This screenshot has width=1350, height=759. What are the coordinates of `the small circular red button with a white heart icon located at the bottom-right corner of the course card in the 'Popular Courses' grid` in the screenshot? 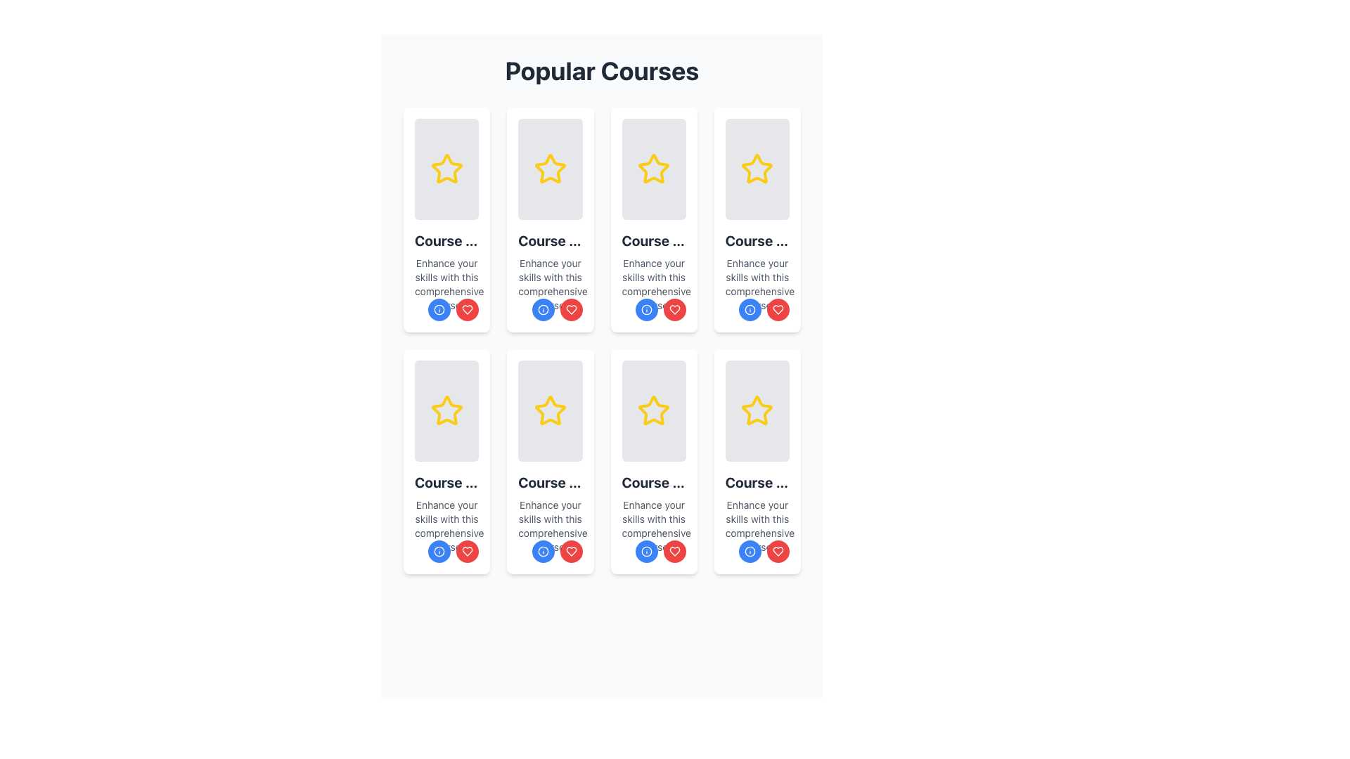 It's located at (556, 551).